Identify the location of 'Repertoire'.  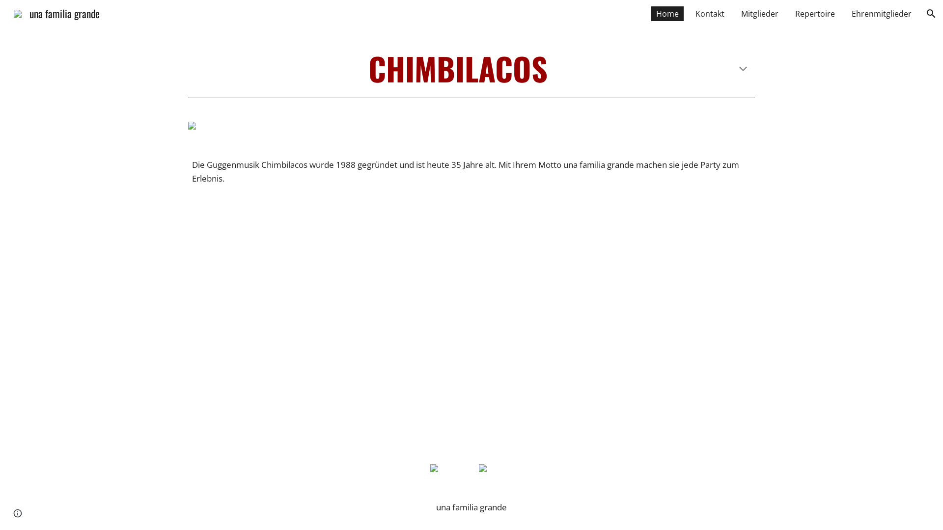
(815, 13).